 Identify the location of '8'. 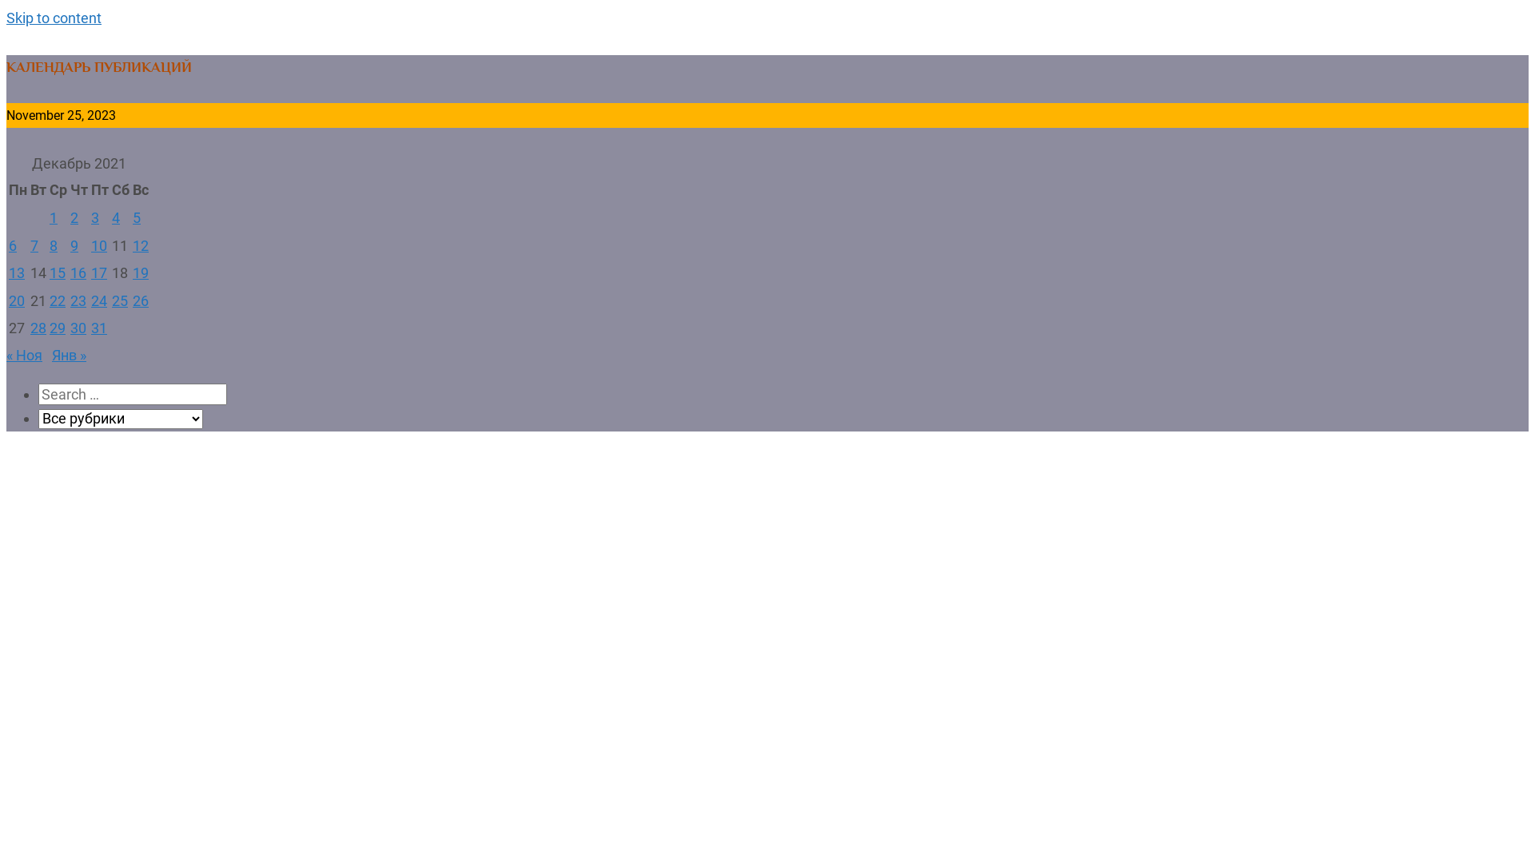
(54, 245).